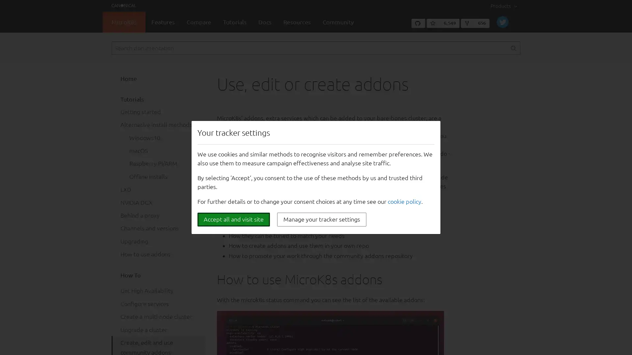 Image resolution: width=632 pixels, height=355 pixels. What do you see at coordinates (513, 48) in the screenshot?
I see `Search` at bounding box center [513, 48].